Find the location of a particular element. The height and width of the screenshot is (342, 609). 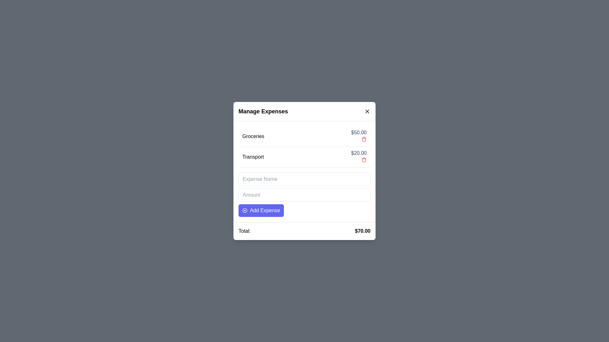

the rectangular button with a blue background and white text reading 'Add Expense' located in the 'Manage Expenses' modal is located at coordinates (261, 210).